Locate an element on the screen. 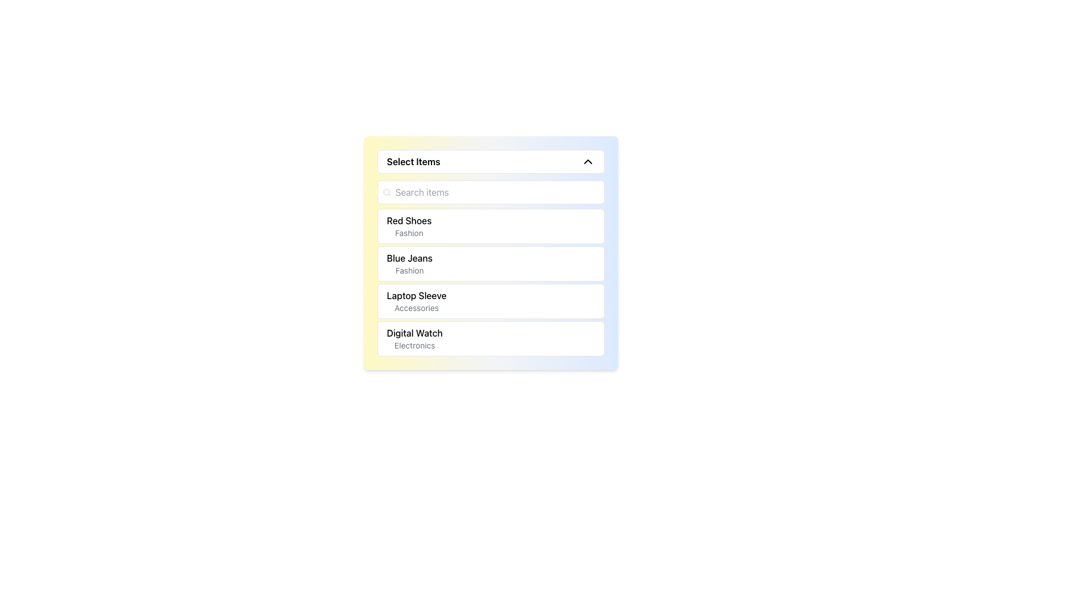 The width and height of the screenshot is (1090, 613). the first selectable item 'Red Shoes' is located at coordinates (491, 226).